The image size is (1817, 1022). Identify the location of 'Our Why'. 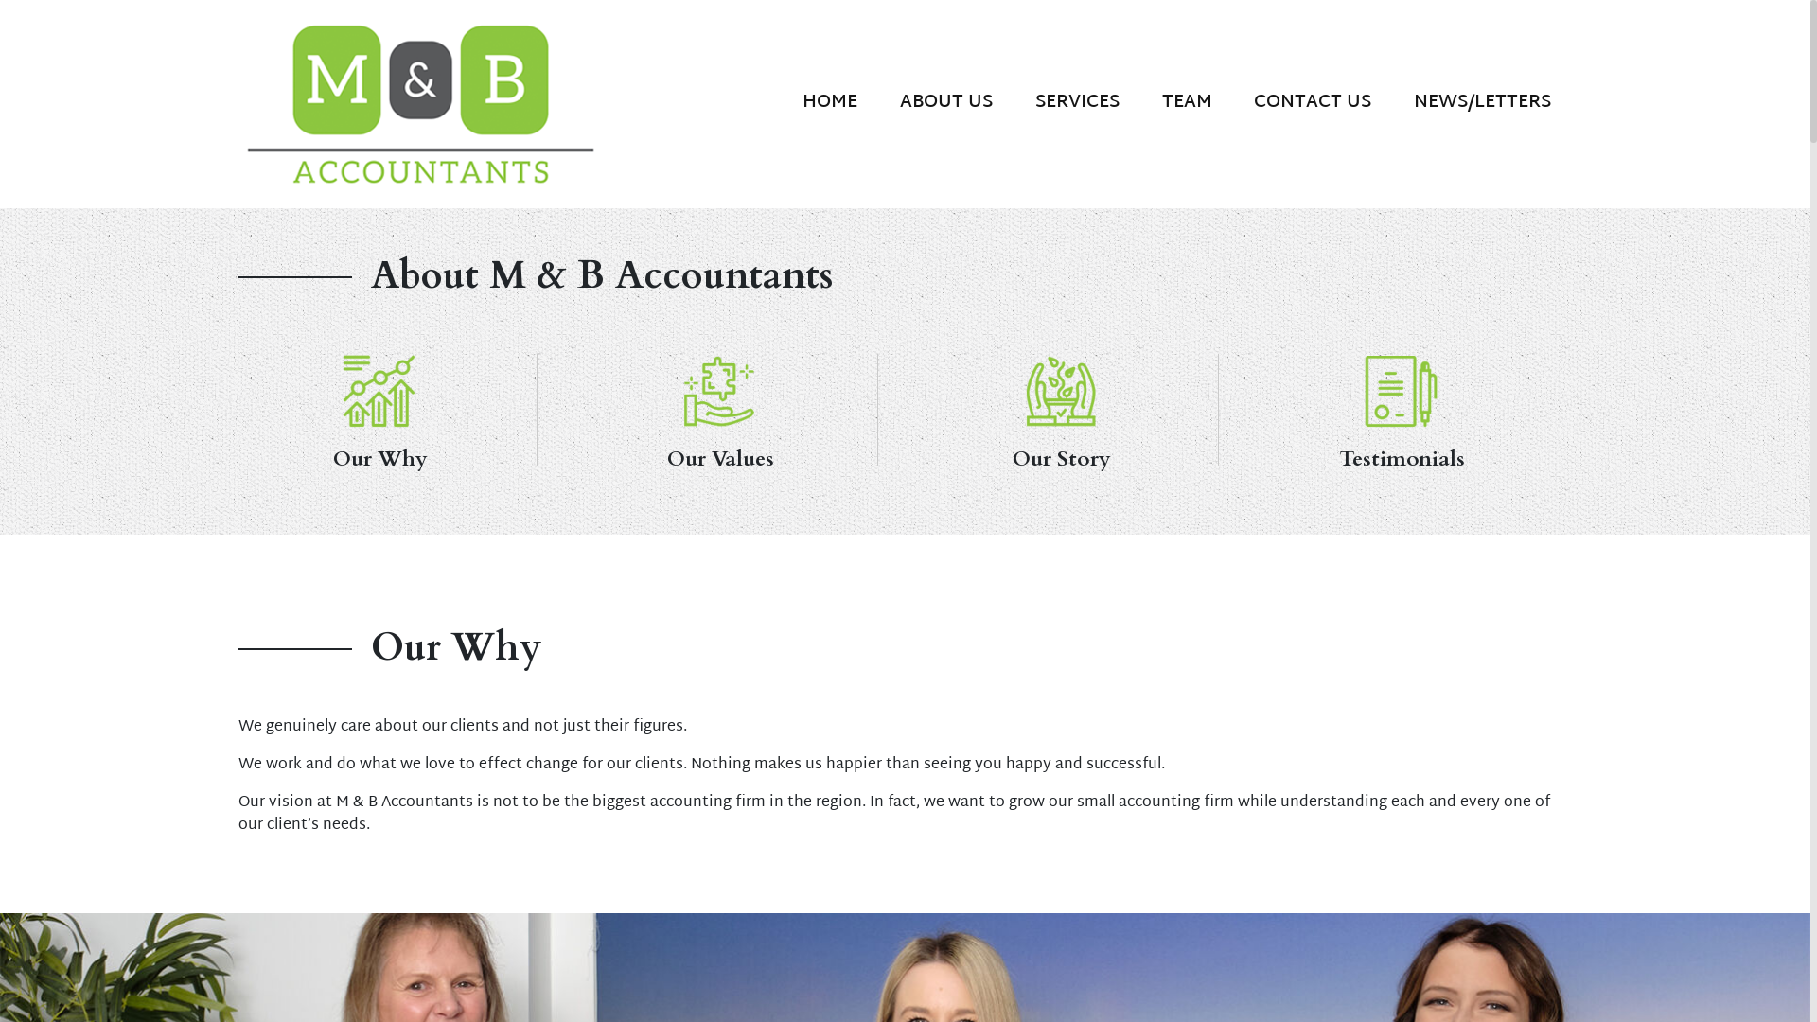
(379, 408).